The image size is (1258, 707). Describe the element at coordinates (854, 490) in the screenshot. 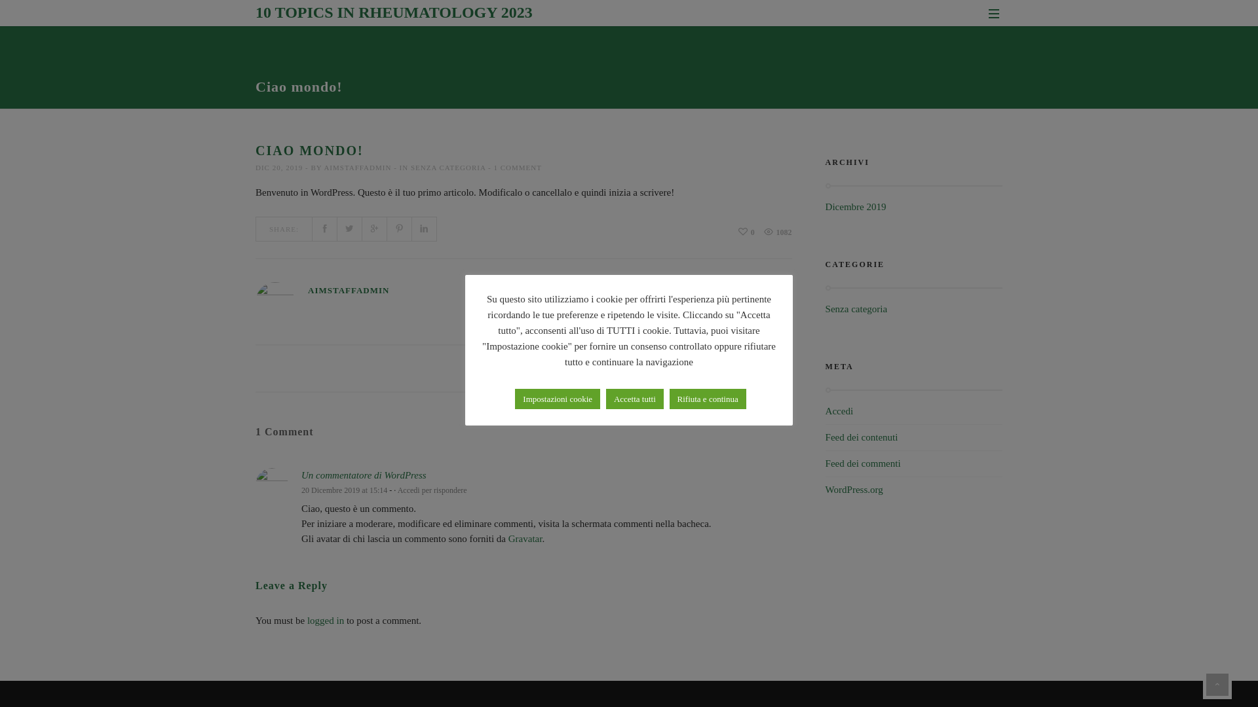

I see `'WordPress.org'` at that location.